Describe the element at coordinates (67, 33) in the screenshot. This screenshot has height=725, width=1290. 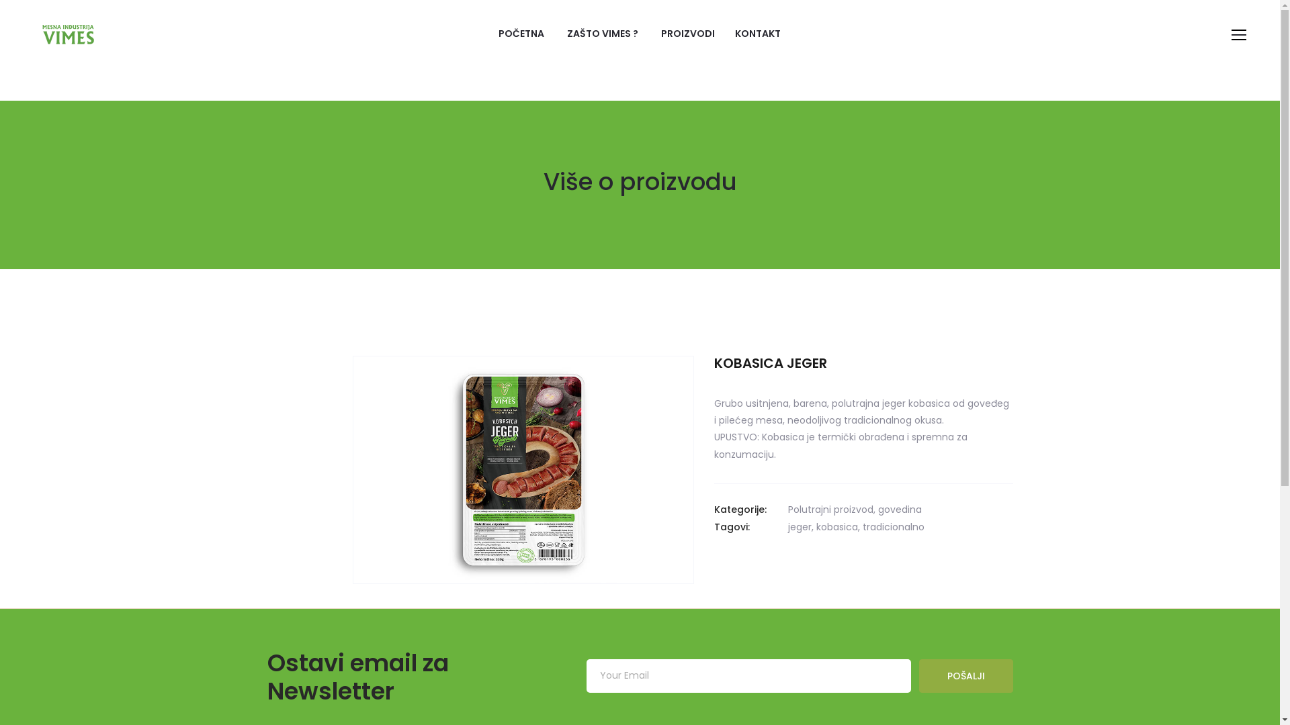
I see `'Vimes mesna industrija'` at that location.